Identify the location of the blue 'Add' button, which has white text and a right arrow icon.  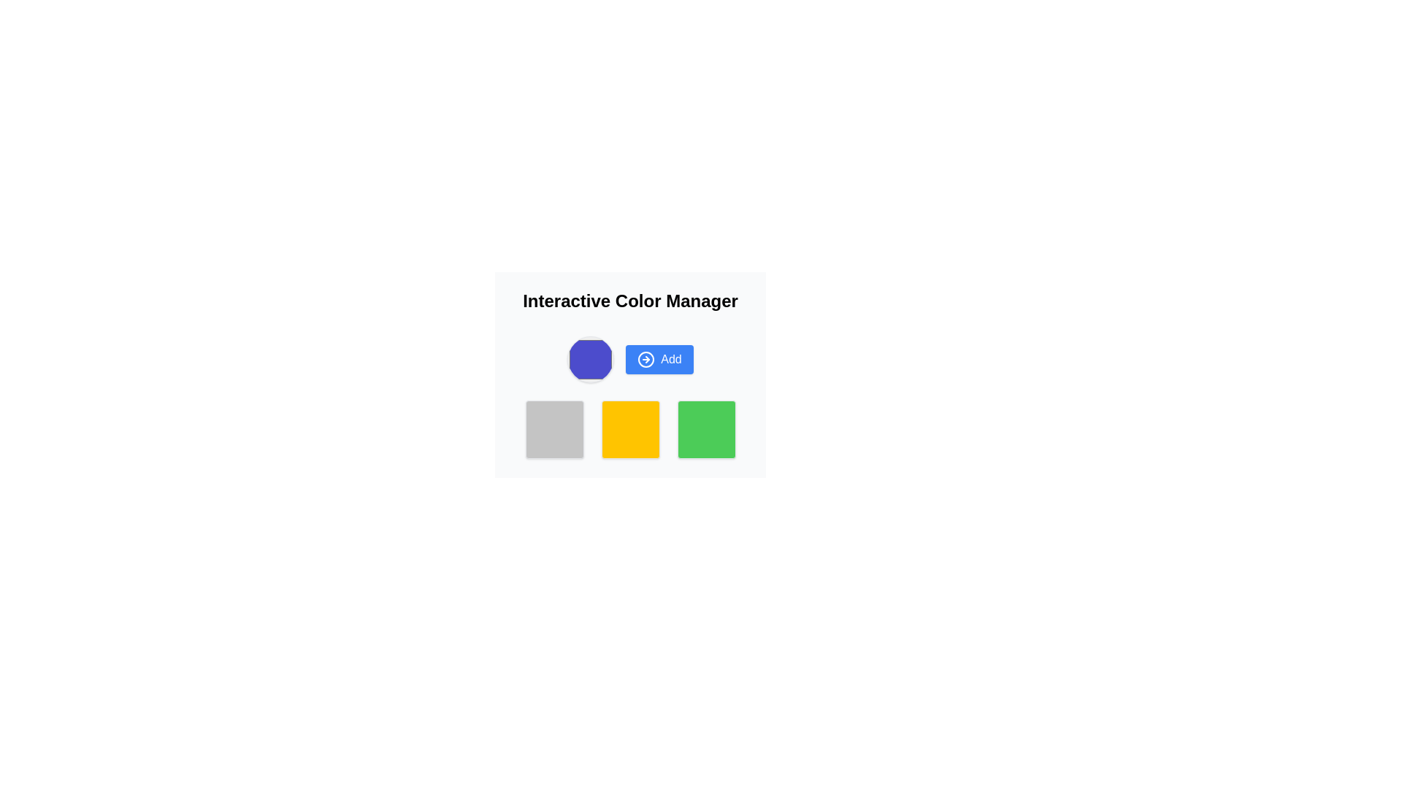
(659, 360).